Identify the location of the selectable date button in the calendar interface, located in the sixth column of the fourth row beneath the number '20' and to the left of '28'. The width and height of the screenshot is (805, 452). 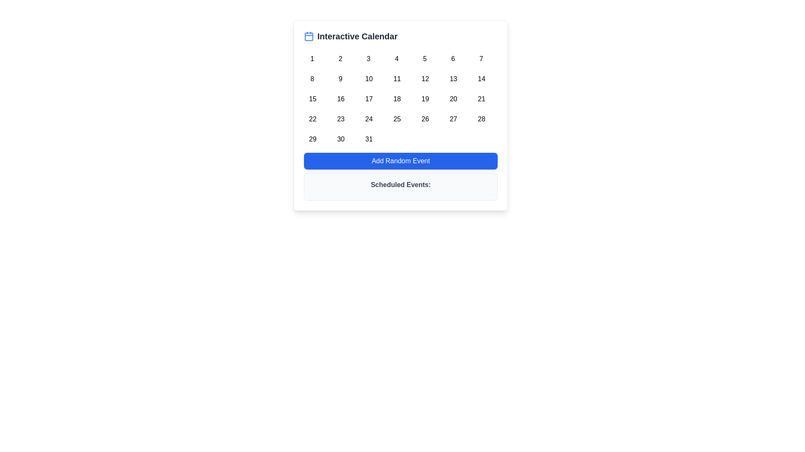
(452, 118).